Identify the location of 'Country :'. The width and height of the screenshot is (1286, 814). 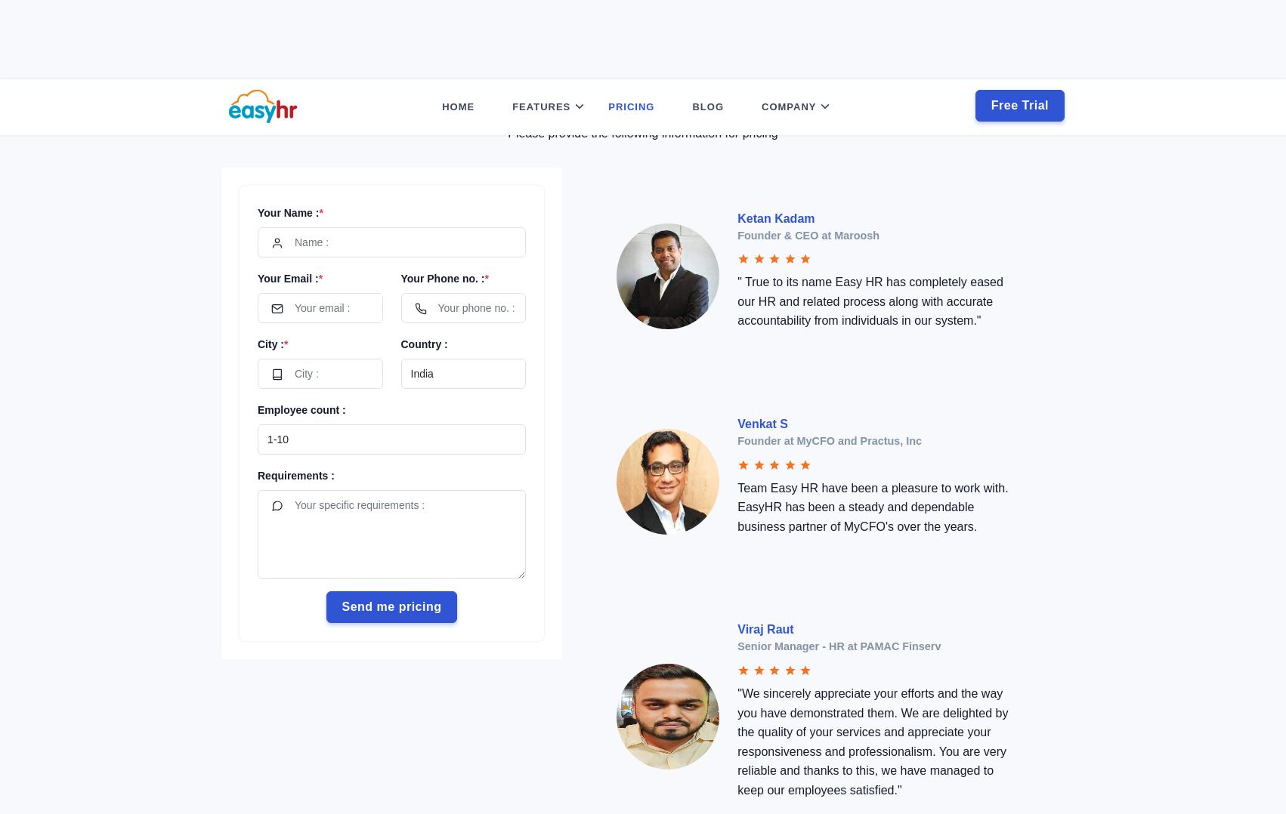
(422, 264).